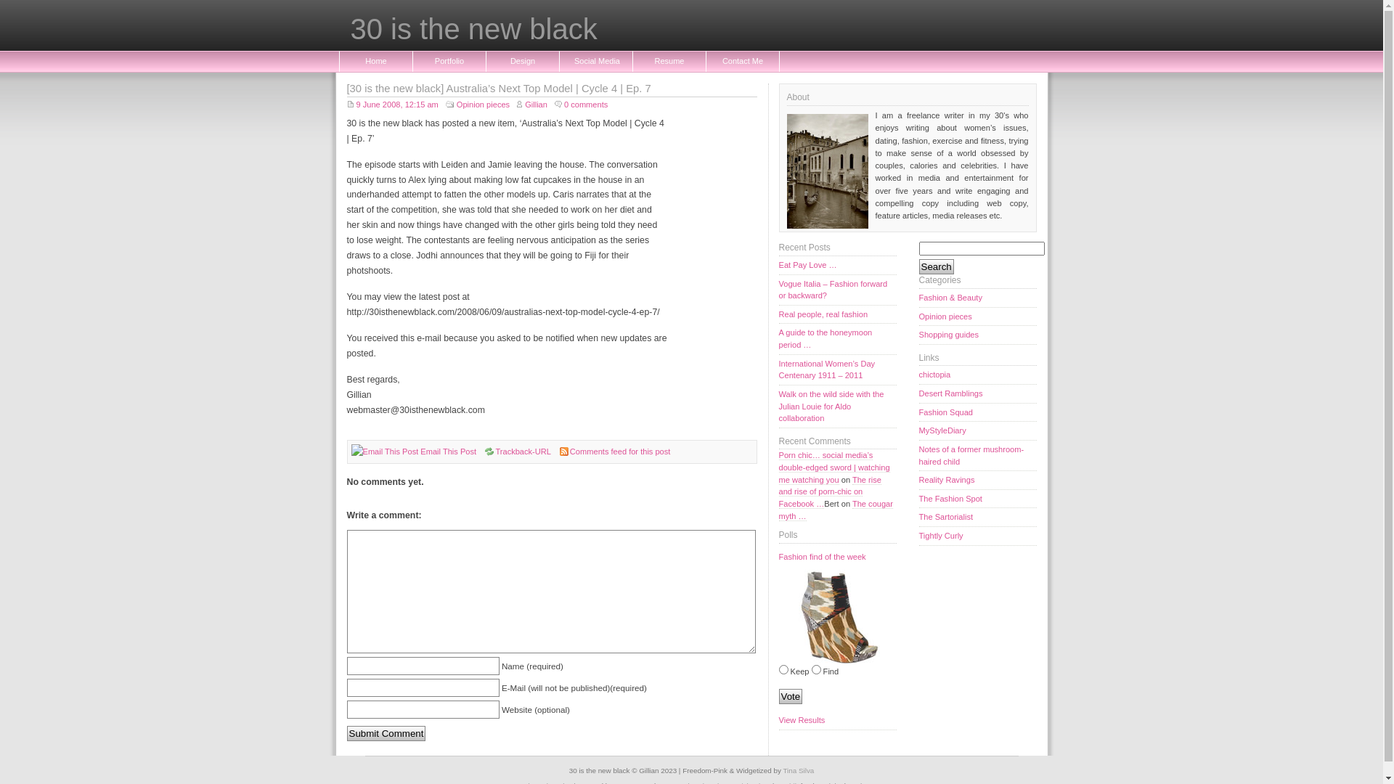 Image resolution: width=1394 pixels, height=784 pixels. What do you see at coordinates (978, 498) in the screenshot?
I see `'The Fashion Spot'` at bounding box center [978, 498].